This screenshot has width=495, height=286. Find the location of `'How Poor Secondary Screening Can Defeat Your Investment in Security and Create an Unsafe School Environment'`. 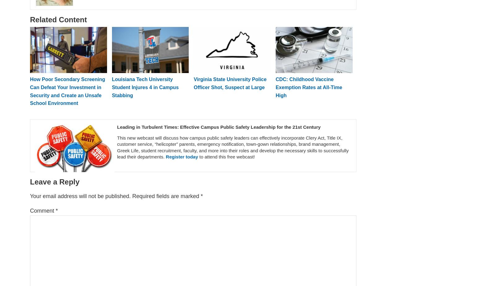

'How Poor Secondary Screening Can Defeat Your Investment in Security and Create an Unsafe School Environment' is located at coordinates (67, 91).